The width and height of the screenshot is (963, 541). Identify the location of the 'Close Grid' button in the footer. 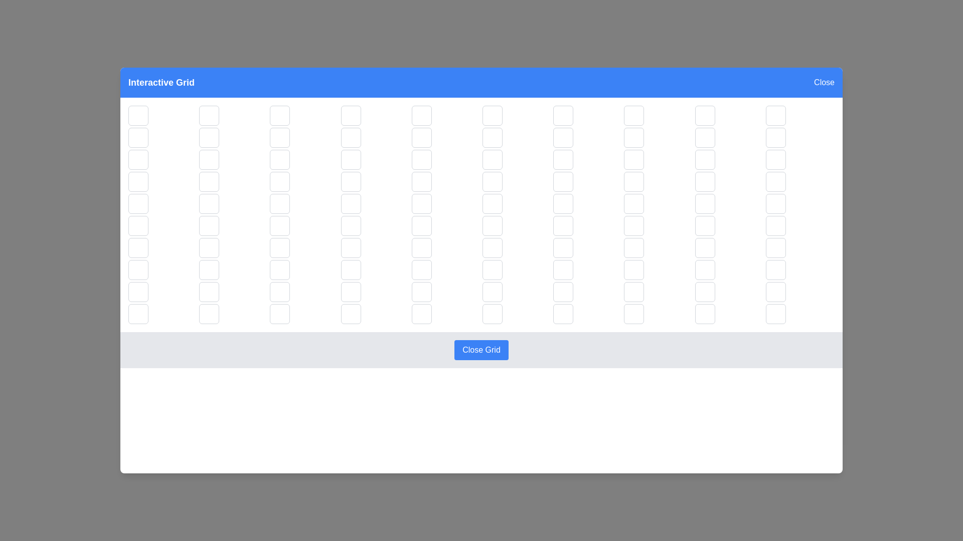
(481, 349).